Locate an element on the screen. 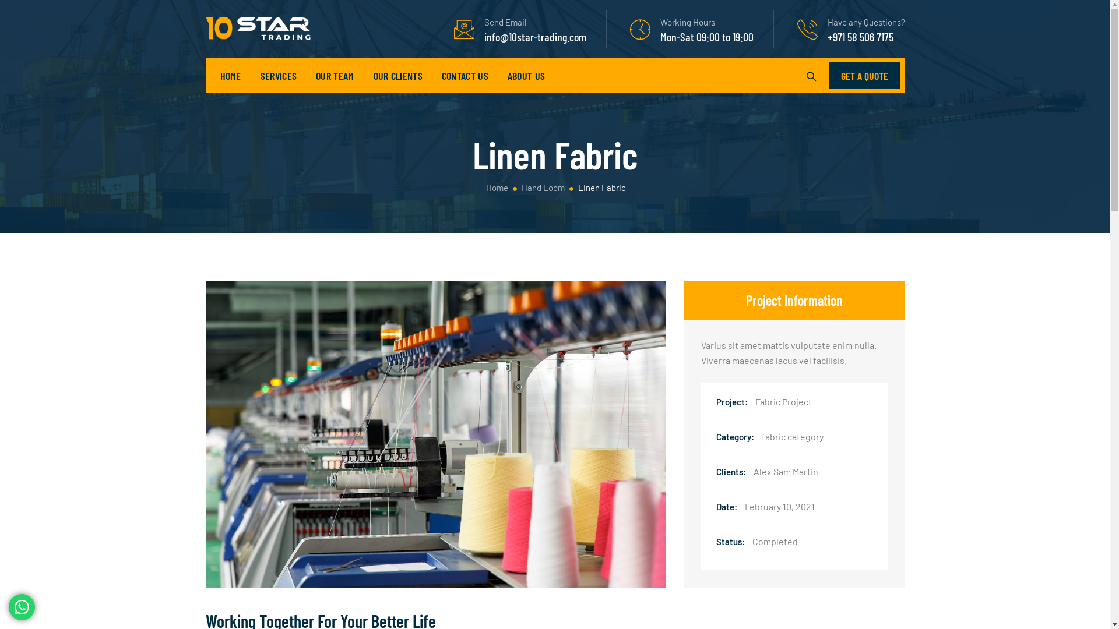  'SERVICES' is located at coordinates (278, 76).